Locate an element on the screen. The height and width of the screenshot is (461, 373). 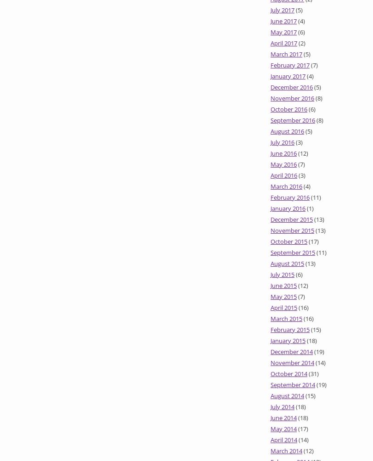
'January 2015' is located at coordinates (288, 340).